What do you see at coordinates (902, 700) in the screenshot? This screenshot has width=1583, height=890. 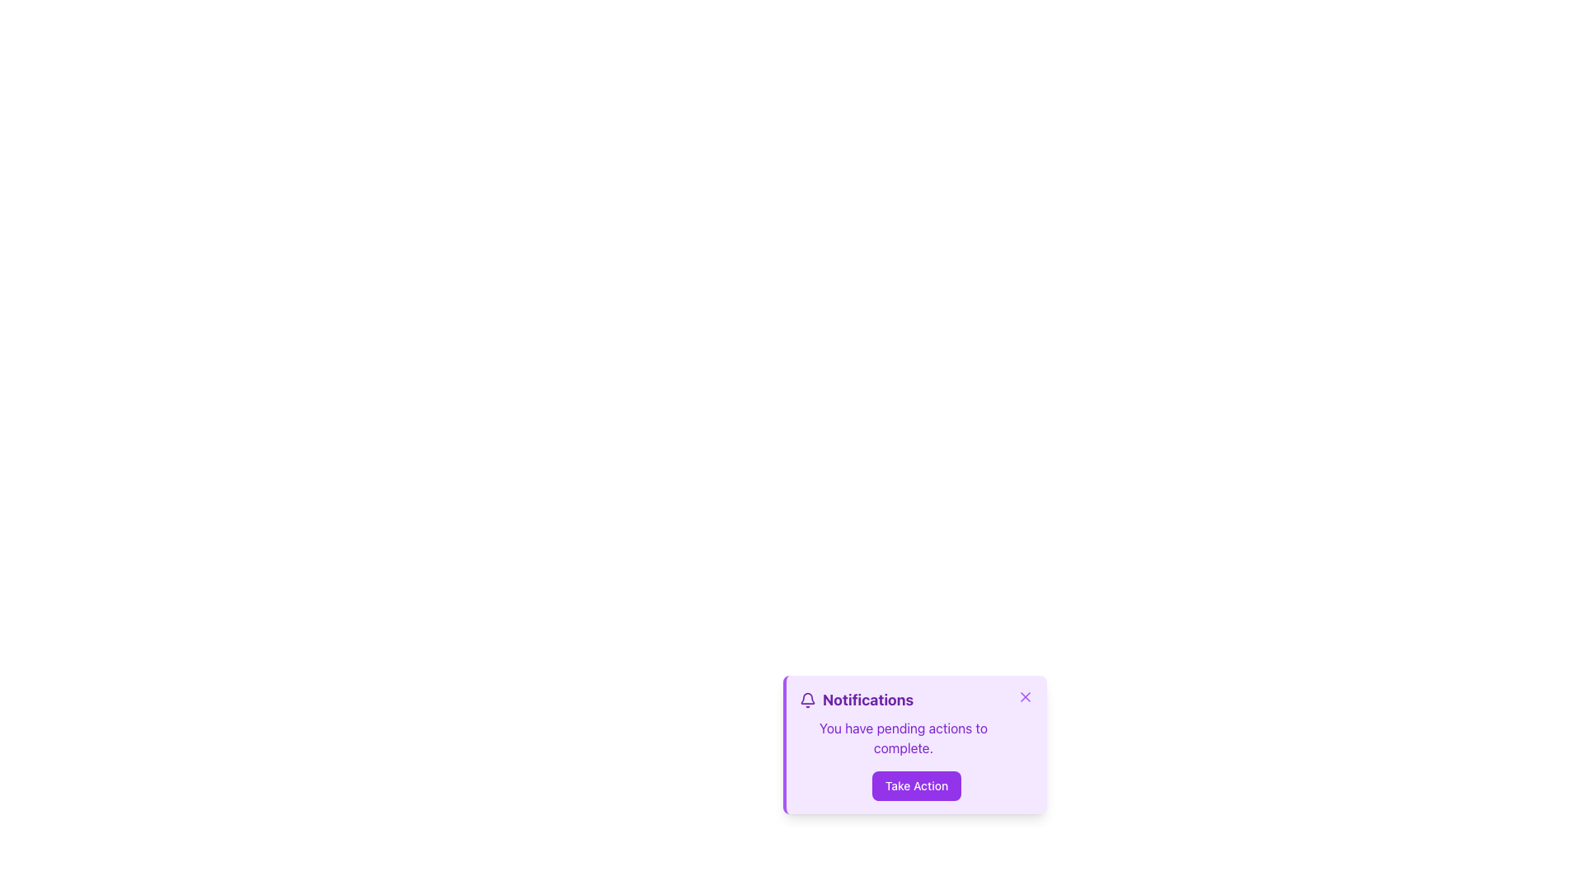 I see `the significance of the 'Notifications' title, which is styled in bold purple text and located on the purple card above the 'You have pending actions to complete.' text` at bounding box center [902, 700].